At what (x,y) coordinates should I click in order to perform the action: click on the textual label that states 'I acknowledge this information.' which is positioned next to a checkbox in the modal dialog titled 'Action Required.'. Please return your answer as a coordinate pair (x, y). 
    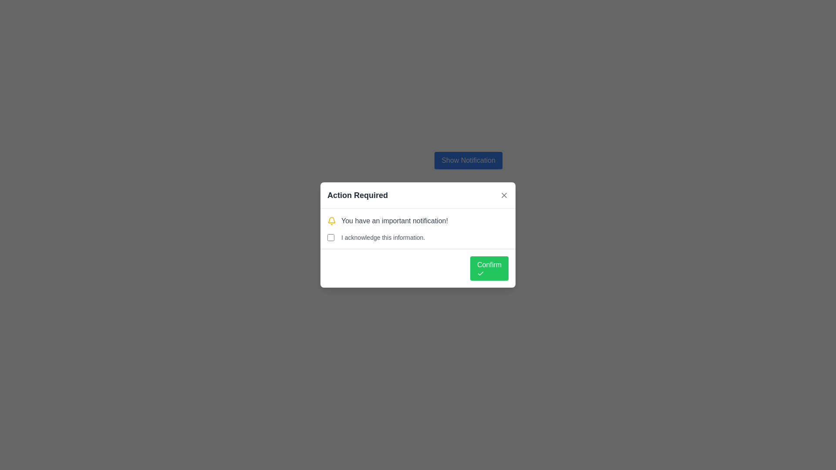
    Looking at the image, I should click on (383, 238).